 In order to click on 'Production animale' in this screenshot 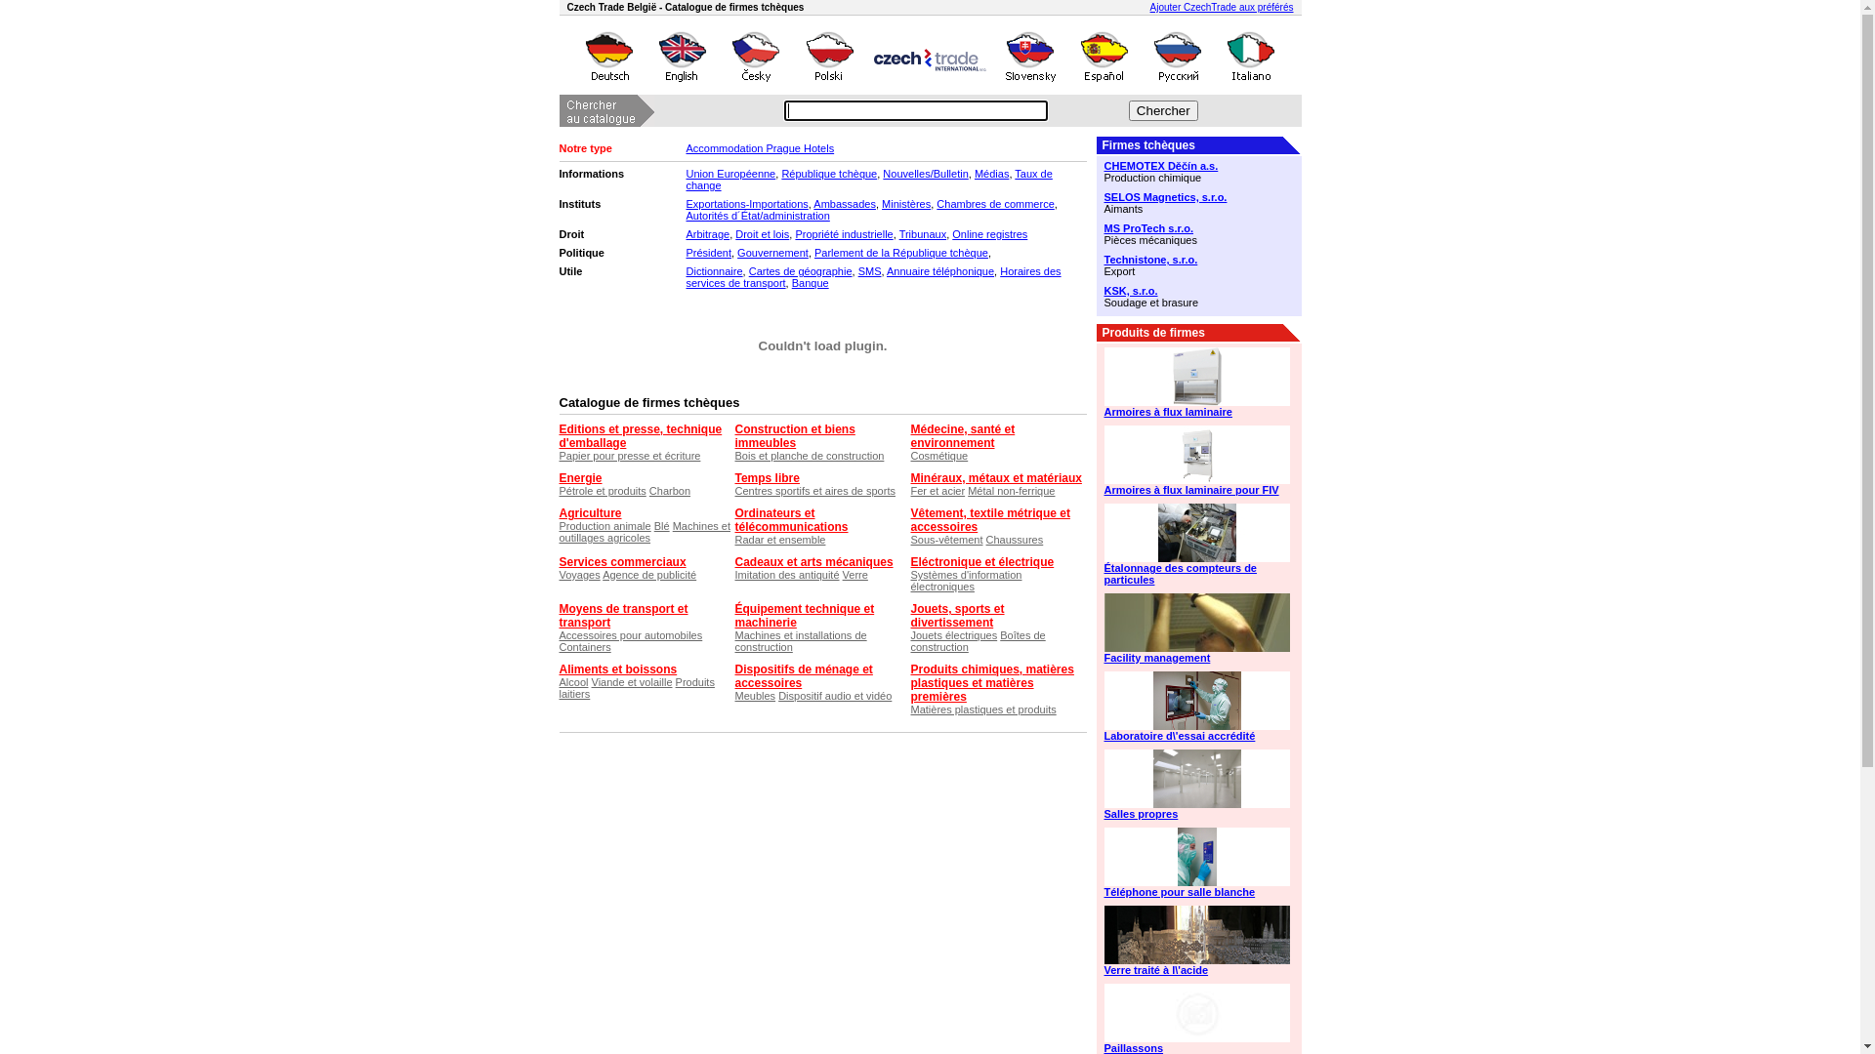, I will do `click(604, 525)`.